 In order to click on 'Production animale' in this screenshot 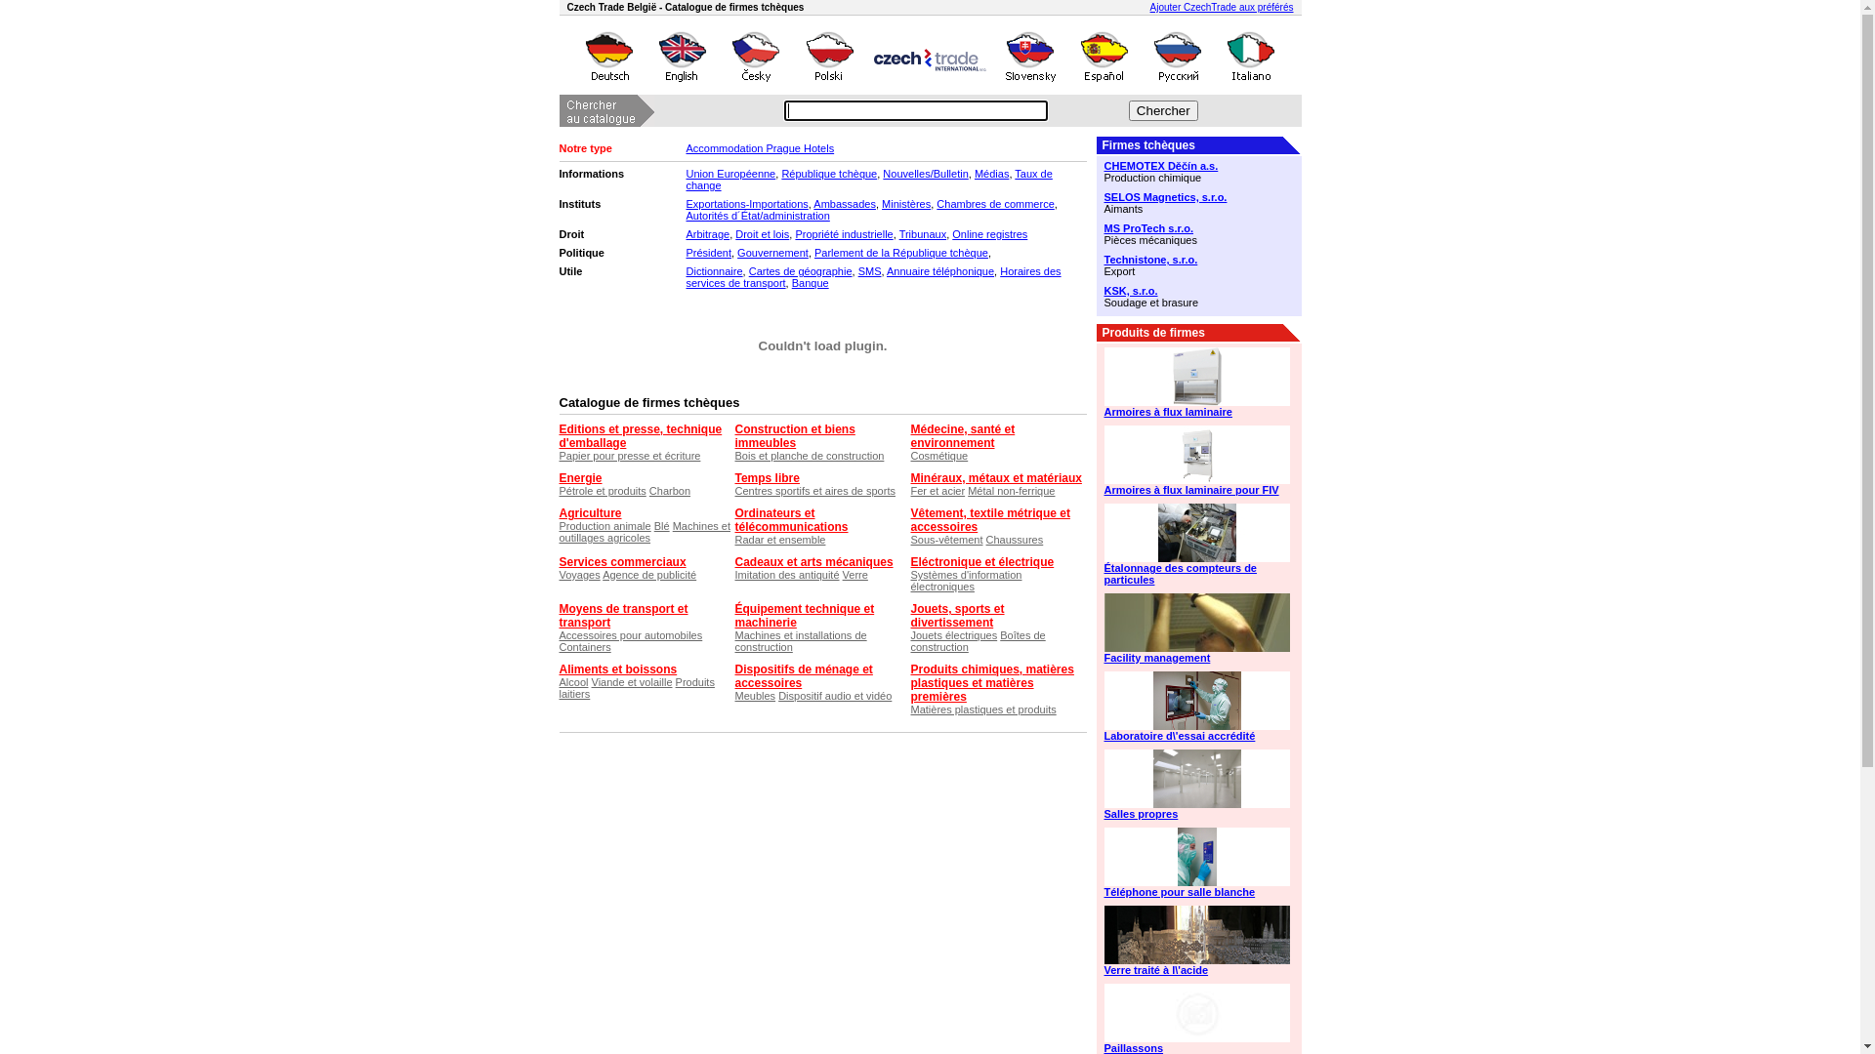, I will do `click(604, 525)`.